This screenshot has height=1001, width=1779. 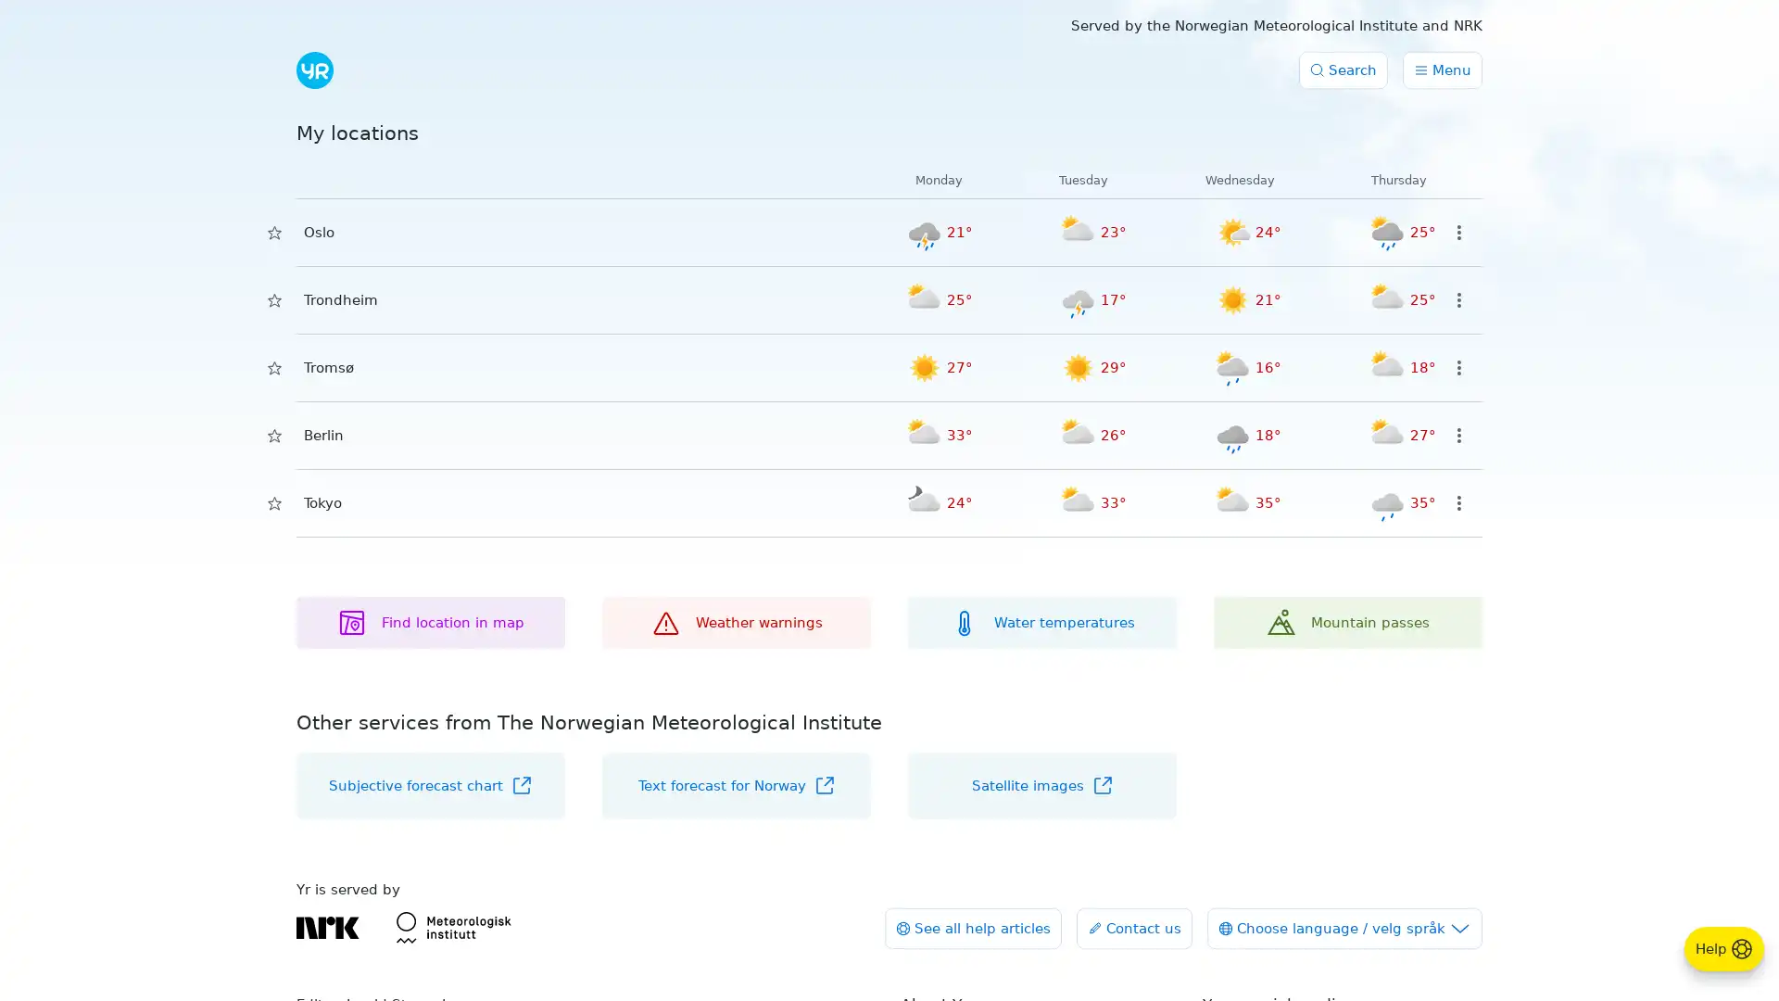 I want to click on Options for location, so click(x=1457, y=368).